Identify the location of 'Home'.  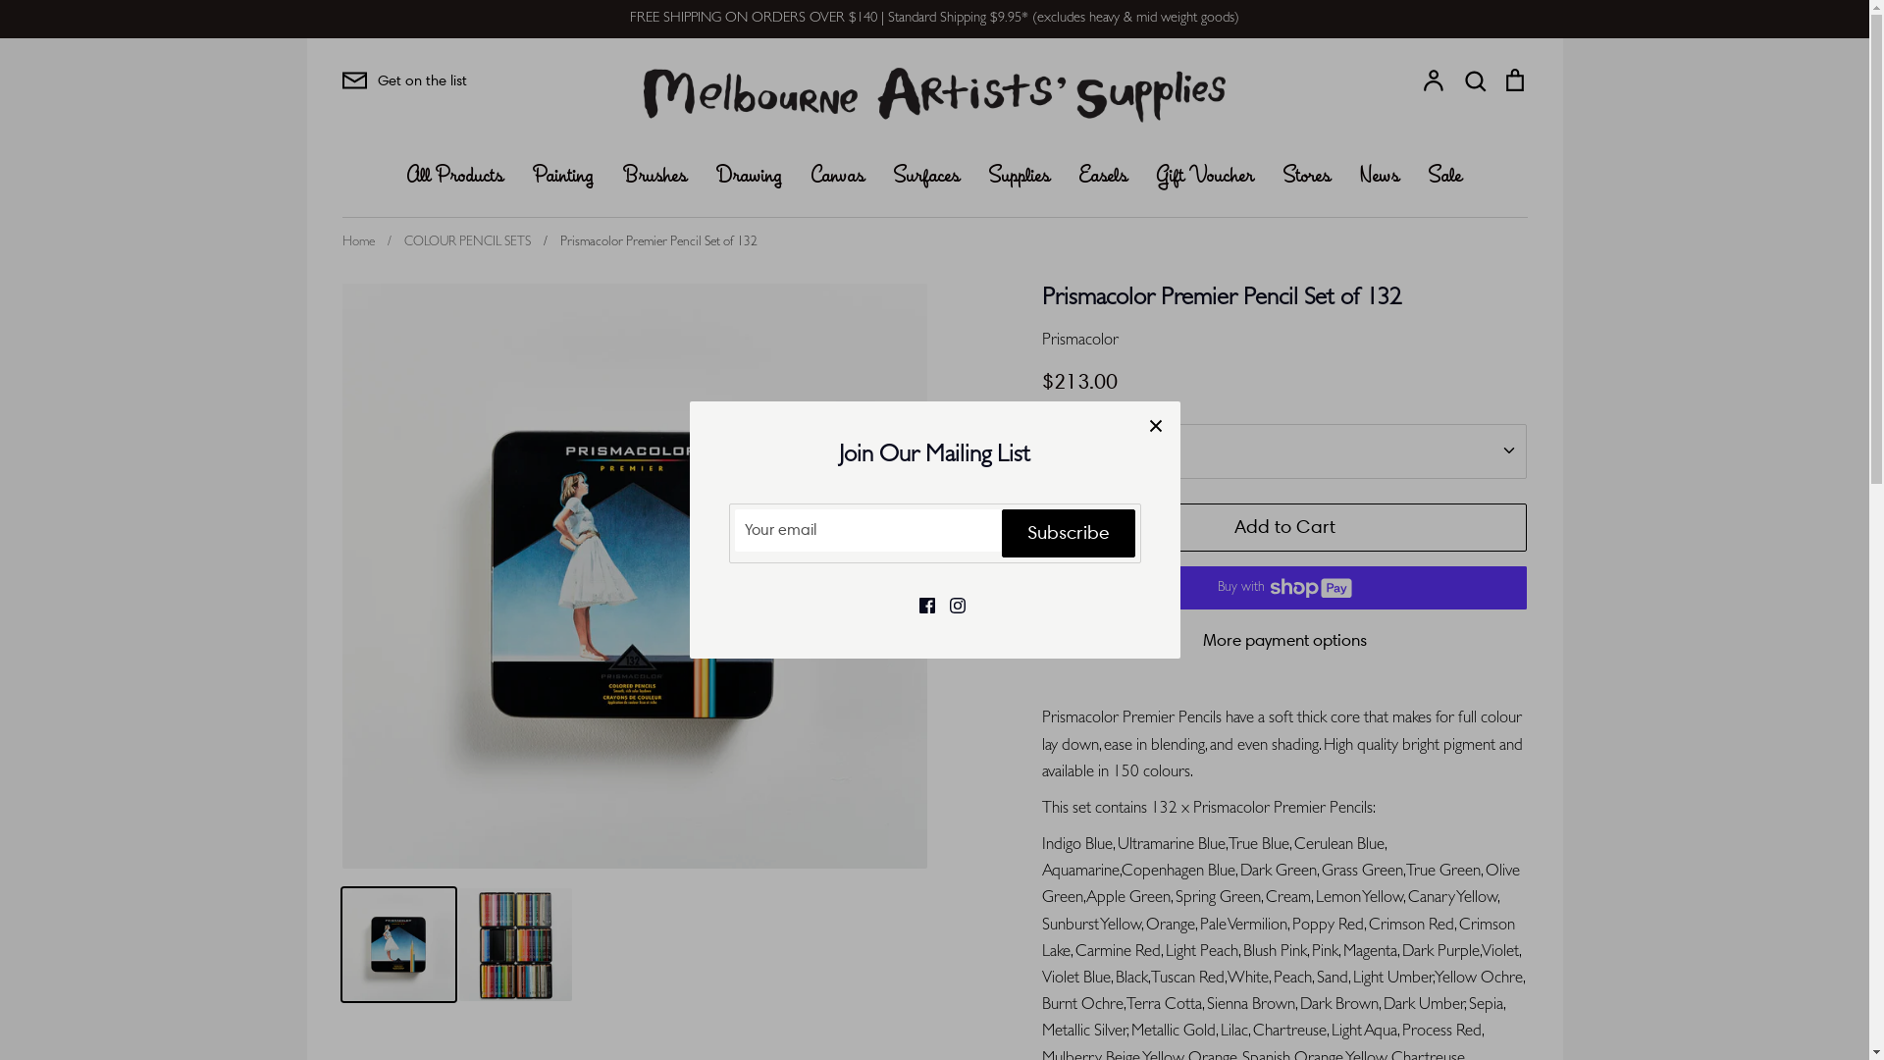
(357, 241).